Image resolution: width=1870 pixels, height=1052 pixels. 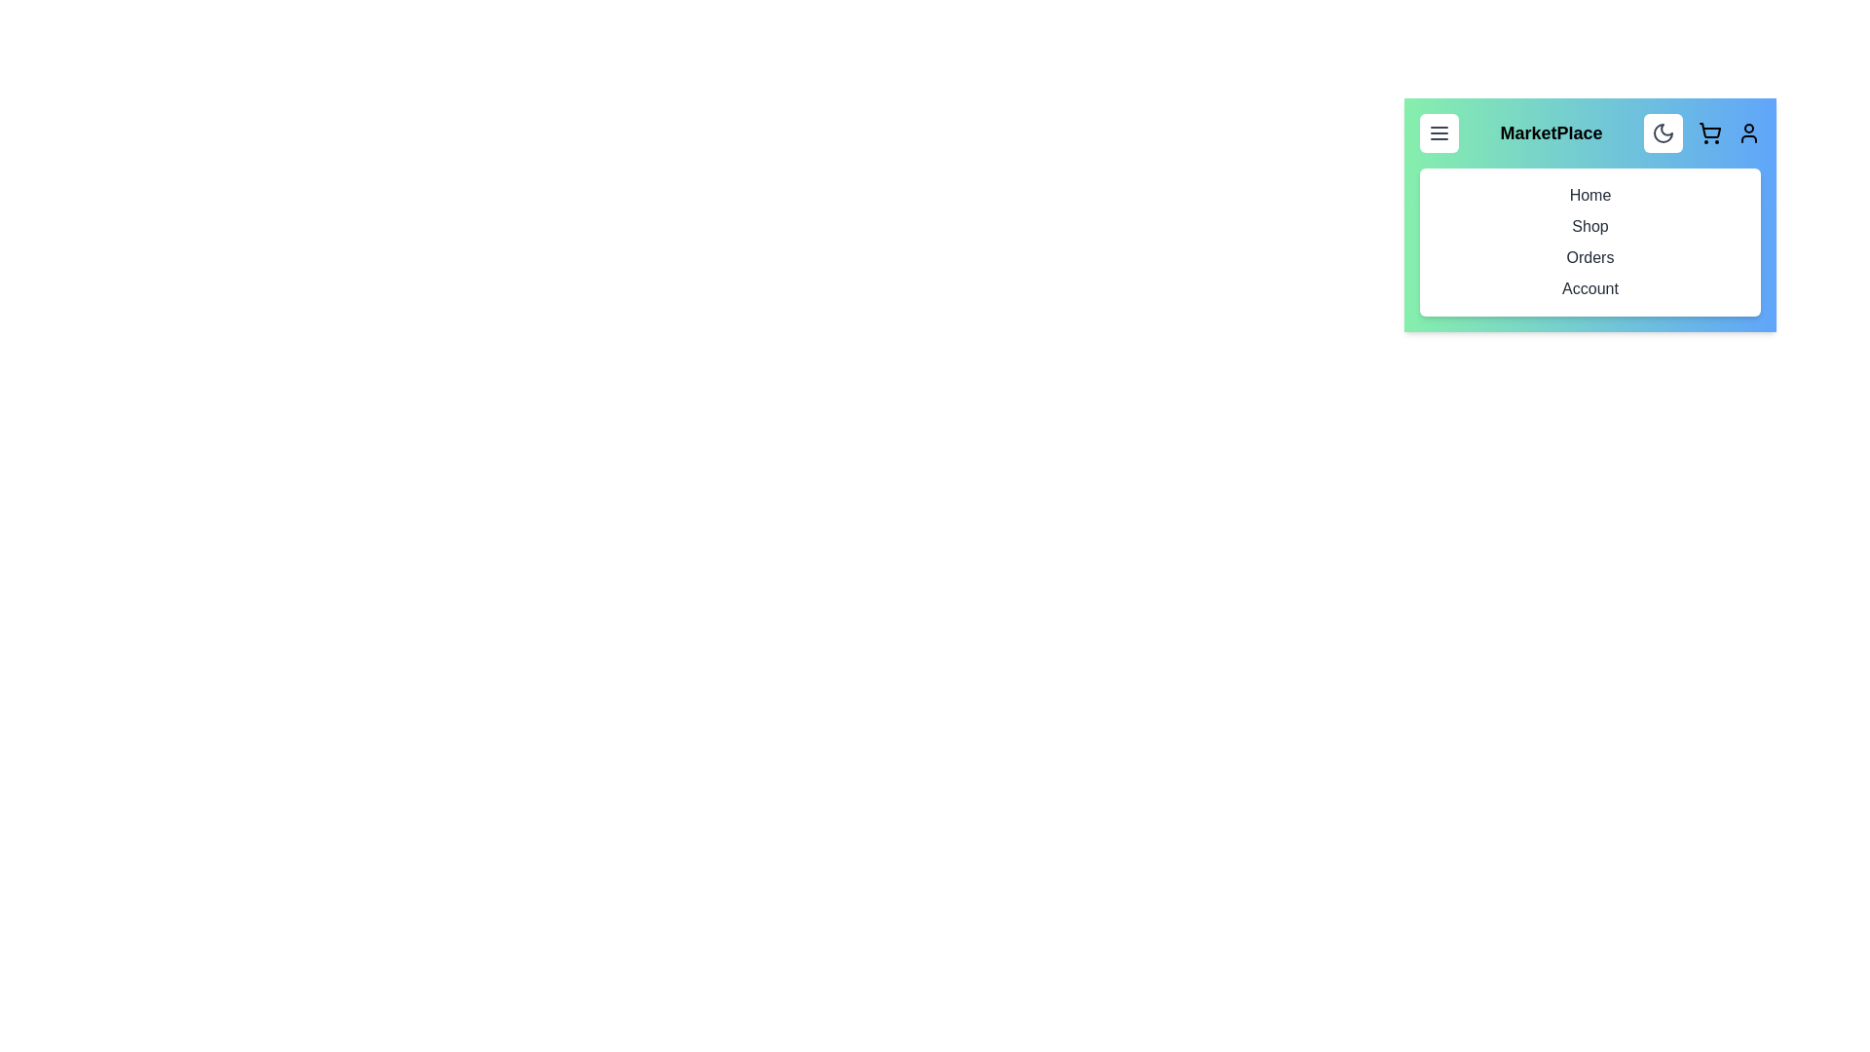 What do you see at coordinates (1589, 257) in the screenshot?
I see `the menu item corresponding to Orders` at bounding box center [1589, 257].